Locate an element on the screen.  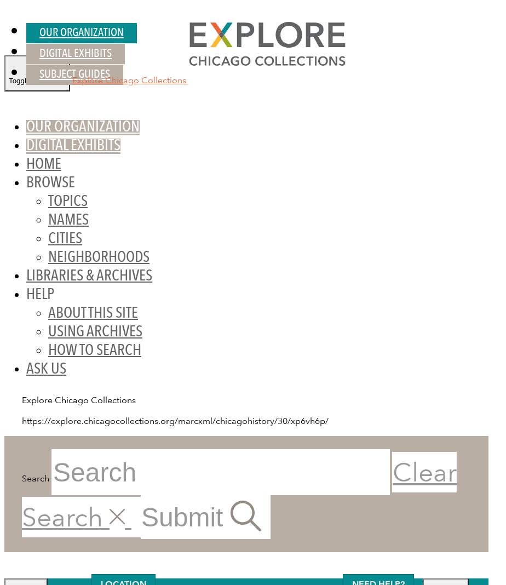
'Names' is located at coordinates (68, 220).